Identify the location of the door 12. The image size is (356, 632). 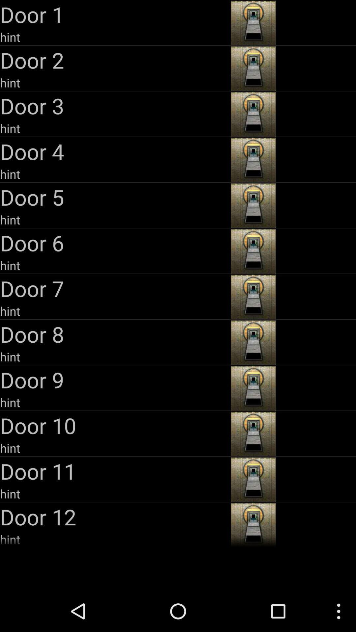
(114, 516).